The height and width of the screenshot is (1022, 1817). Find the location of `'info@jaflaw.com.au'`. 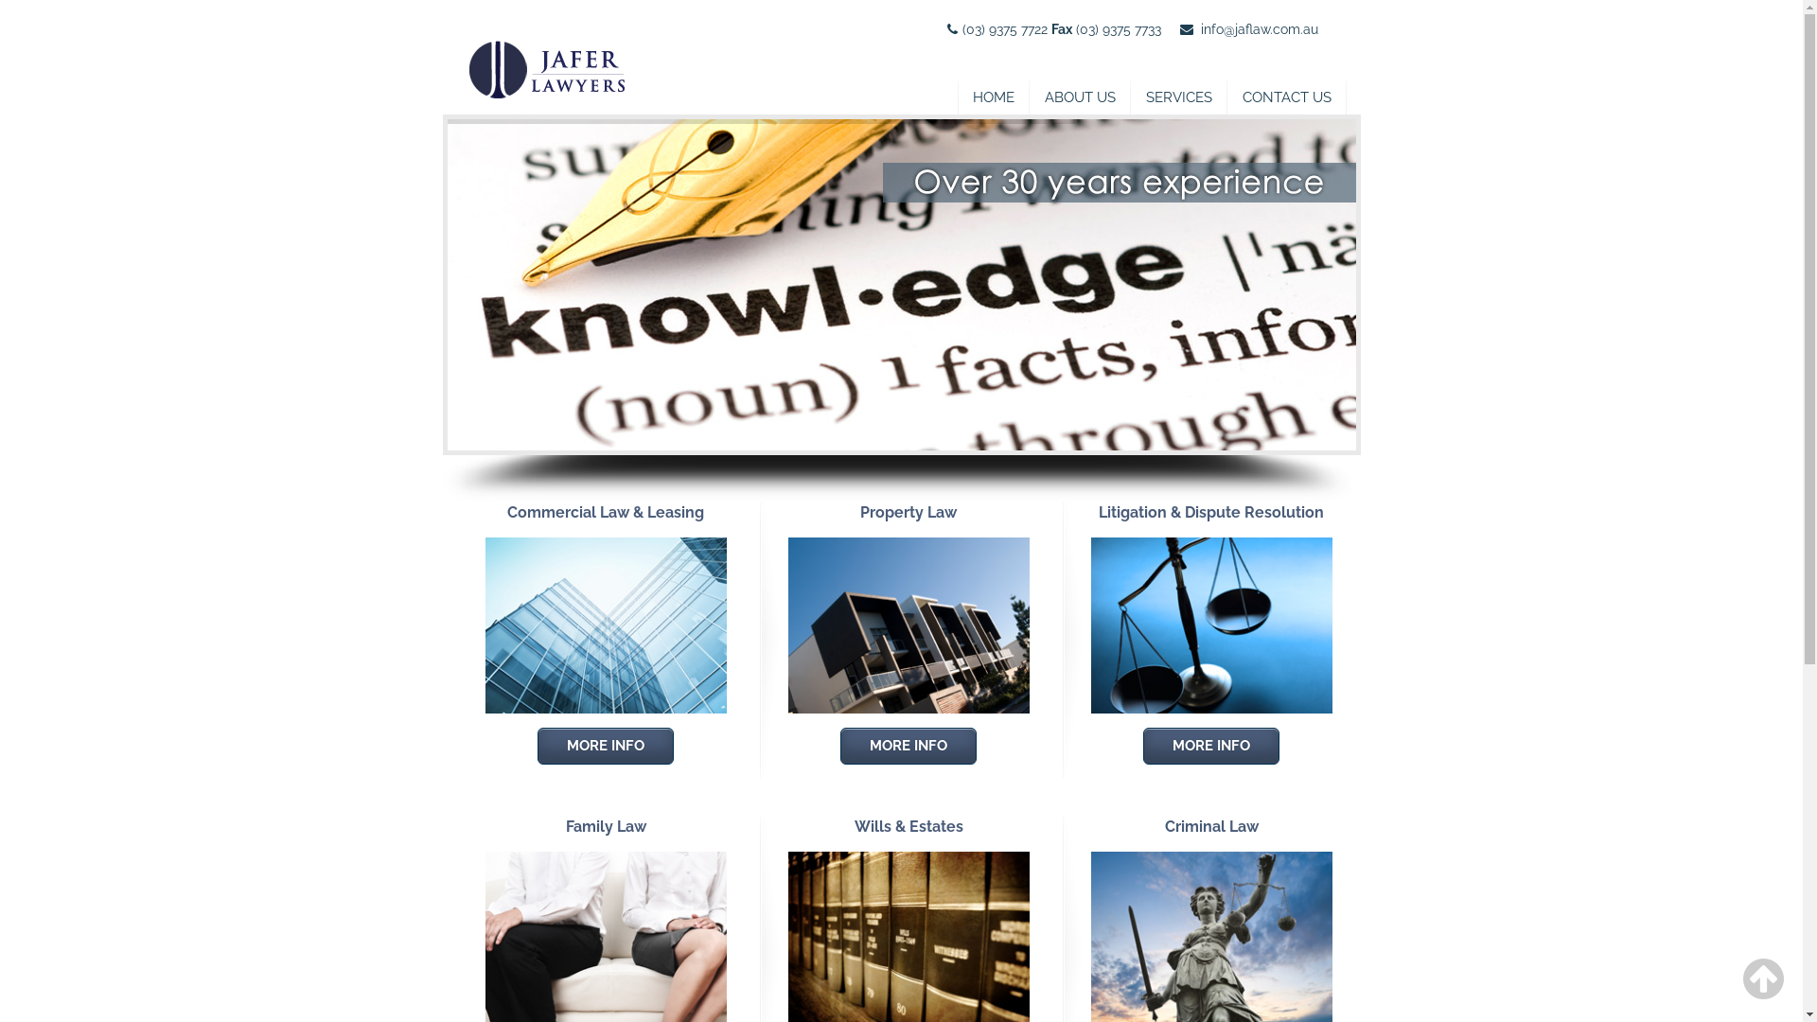

'info@jaflaw.com.au' is located at coordinates (1198, 28).